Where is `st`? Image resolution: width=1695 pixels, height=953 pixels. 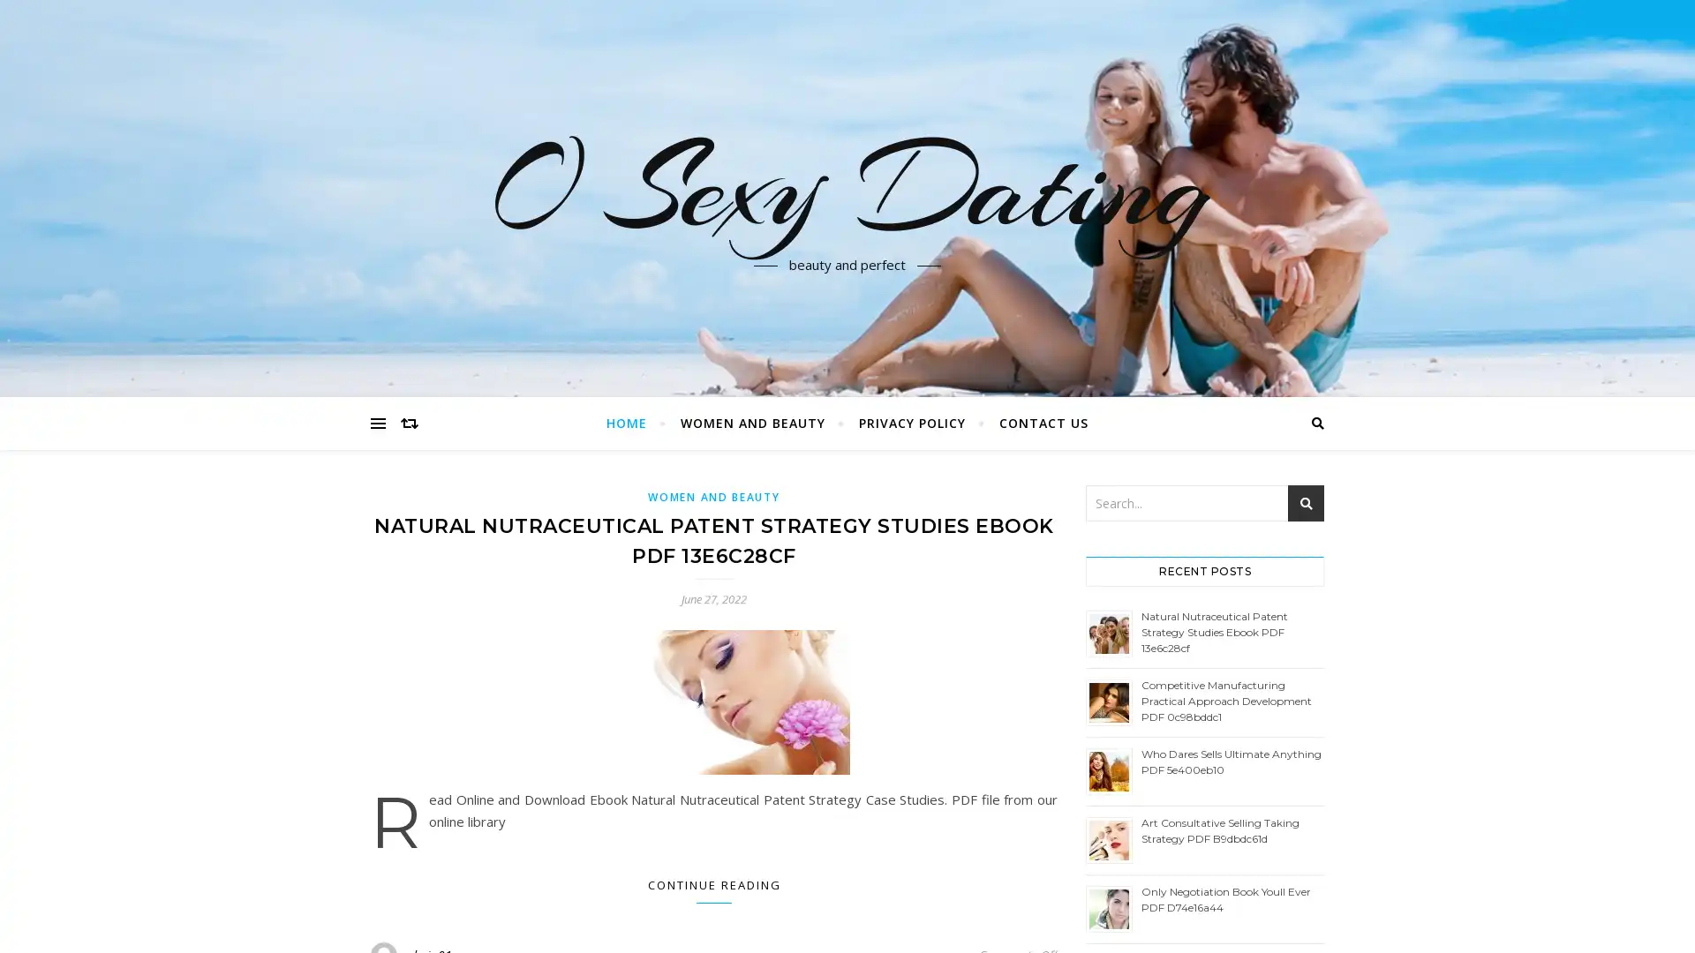
st is located at coordinates (1306, 503).